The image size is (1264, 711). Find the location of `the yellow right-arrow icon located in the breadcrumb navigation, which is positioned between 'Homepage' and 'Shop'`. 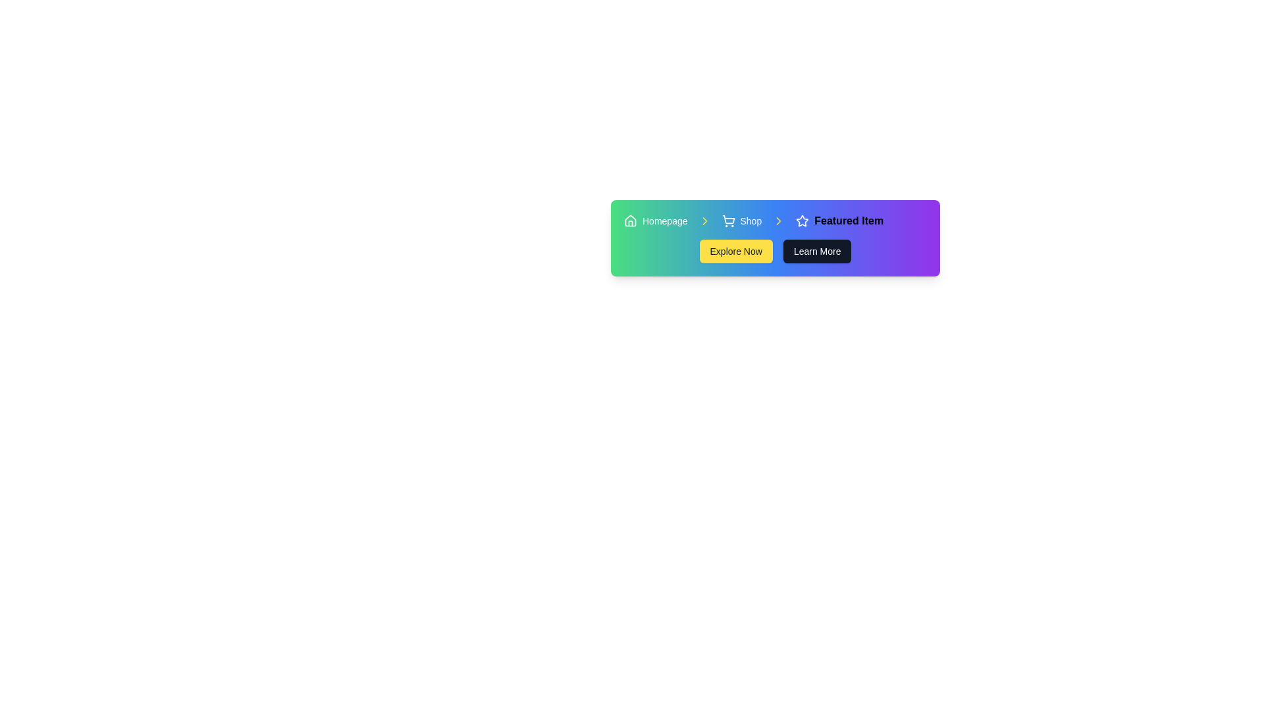

the yellow right-arrow icon located in the breadcrumb navigation, which is positioned between 'Homepage' and 'Shop' is located at coordinates (704, 220).